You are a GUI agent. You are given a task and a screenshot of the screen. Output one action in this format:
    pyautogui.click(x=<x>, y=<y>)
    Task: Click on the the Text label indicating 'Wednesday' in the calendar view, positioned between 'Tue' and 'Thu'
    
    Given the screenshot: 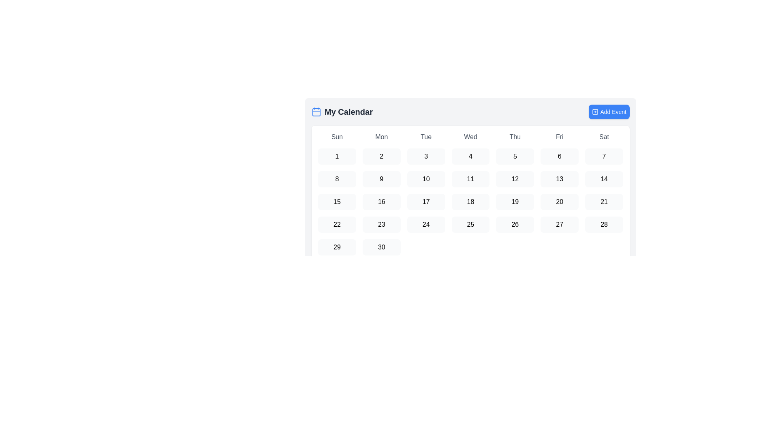 What is the action you would take?
    pyautogui.click(x=470, y=137)
    